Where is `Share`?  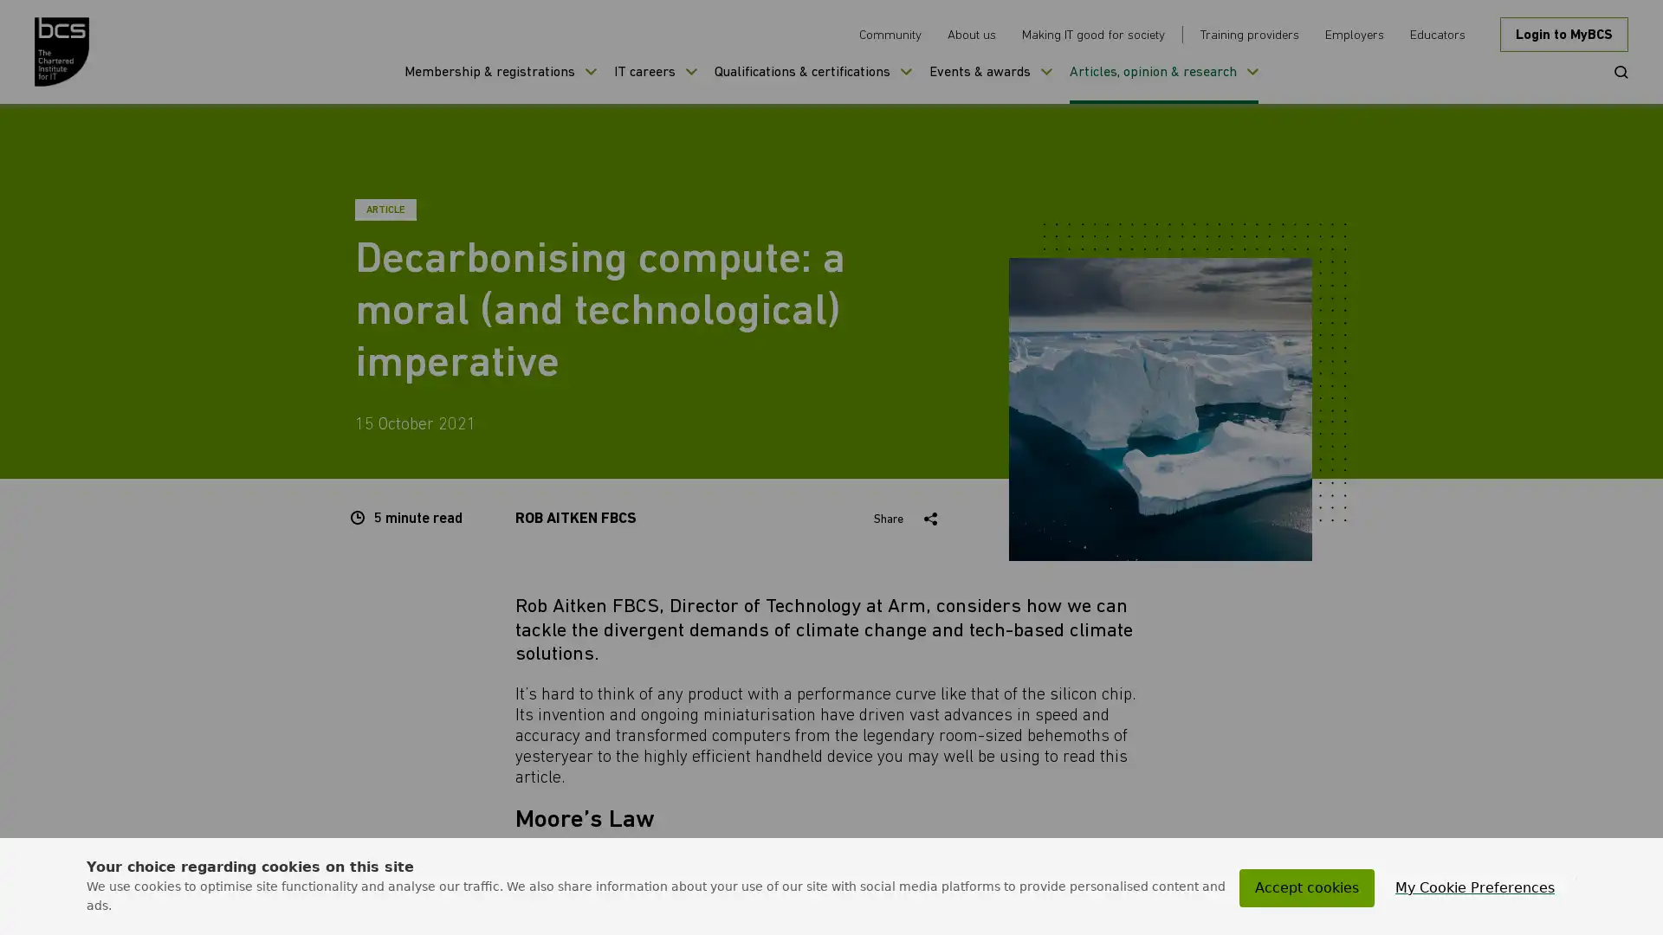 Share is located at coordinates (908, 519).